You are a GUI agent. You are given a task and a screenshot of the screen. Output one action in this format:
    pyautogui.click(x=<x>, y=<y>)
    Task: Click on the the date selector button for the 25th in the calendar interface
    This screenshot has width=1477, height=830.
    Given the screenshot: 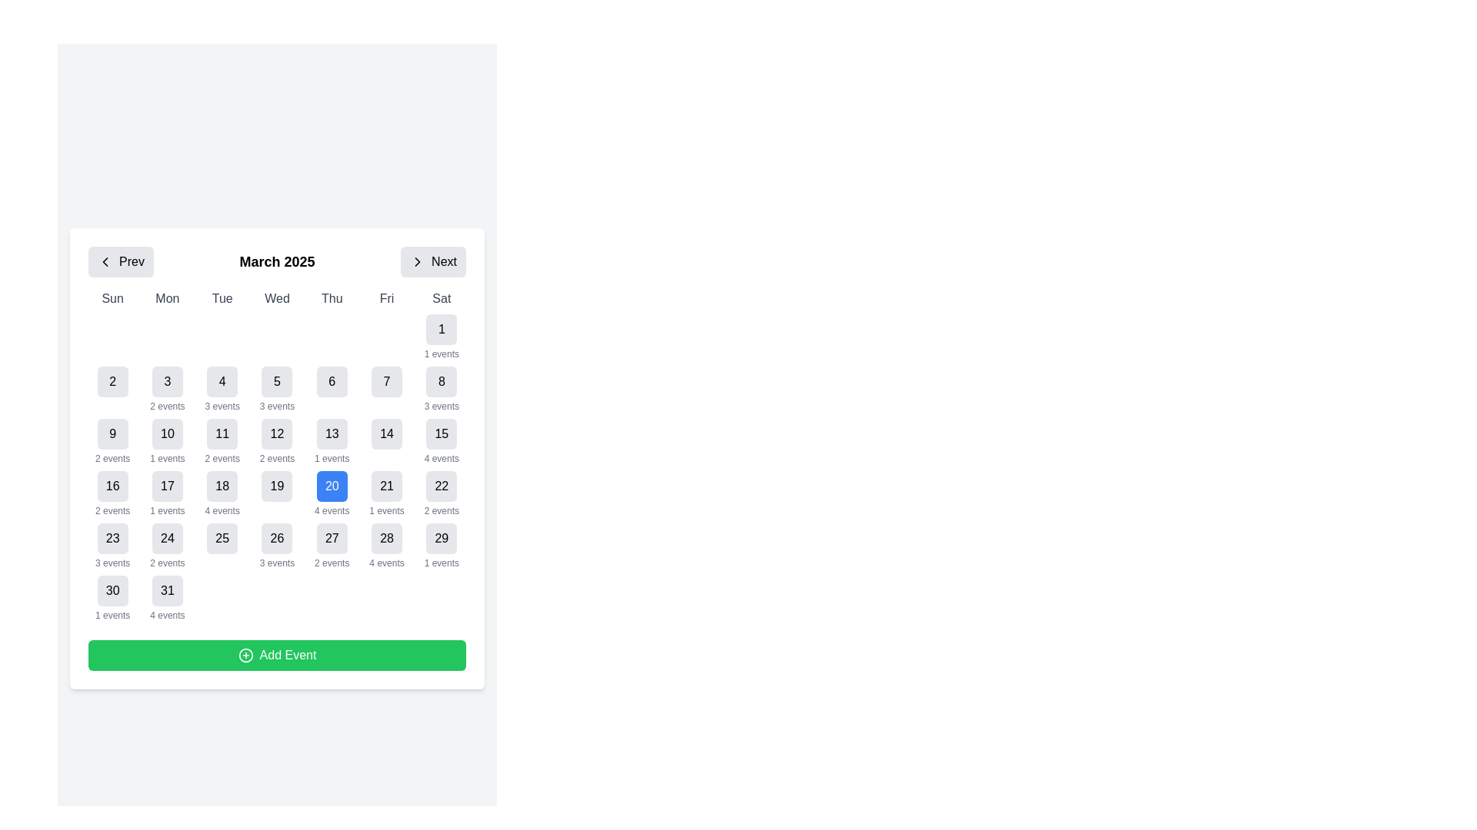 What is the action you would take?
    pyautogui.click(x=222, y=545)
    